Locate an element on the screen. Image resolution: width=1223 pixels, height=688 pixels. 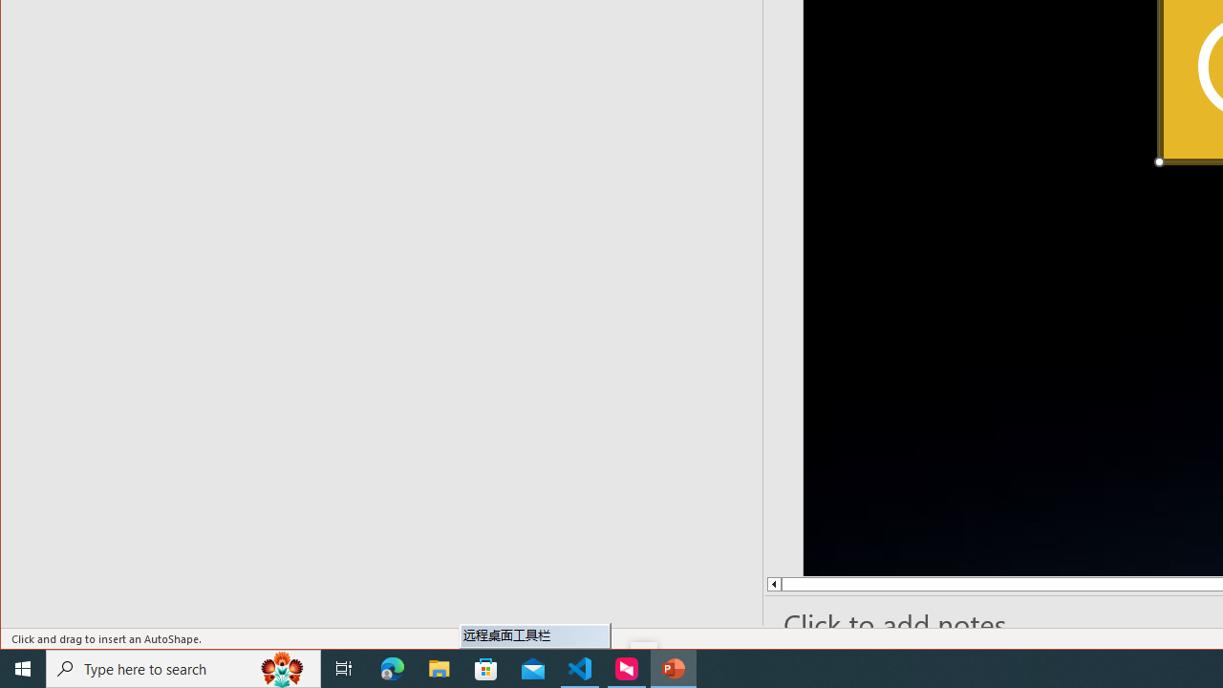
'Microsoft Store' is located at coordinates (486, 667).